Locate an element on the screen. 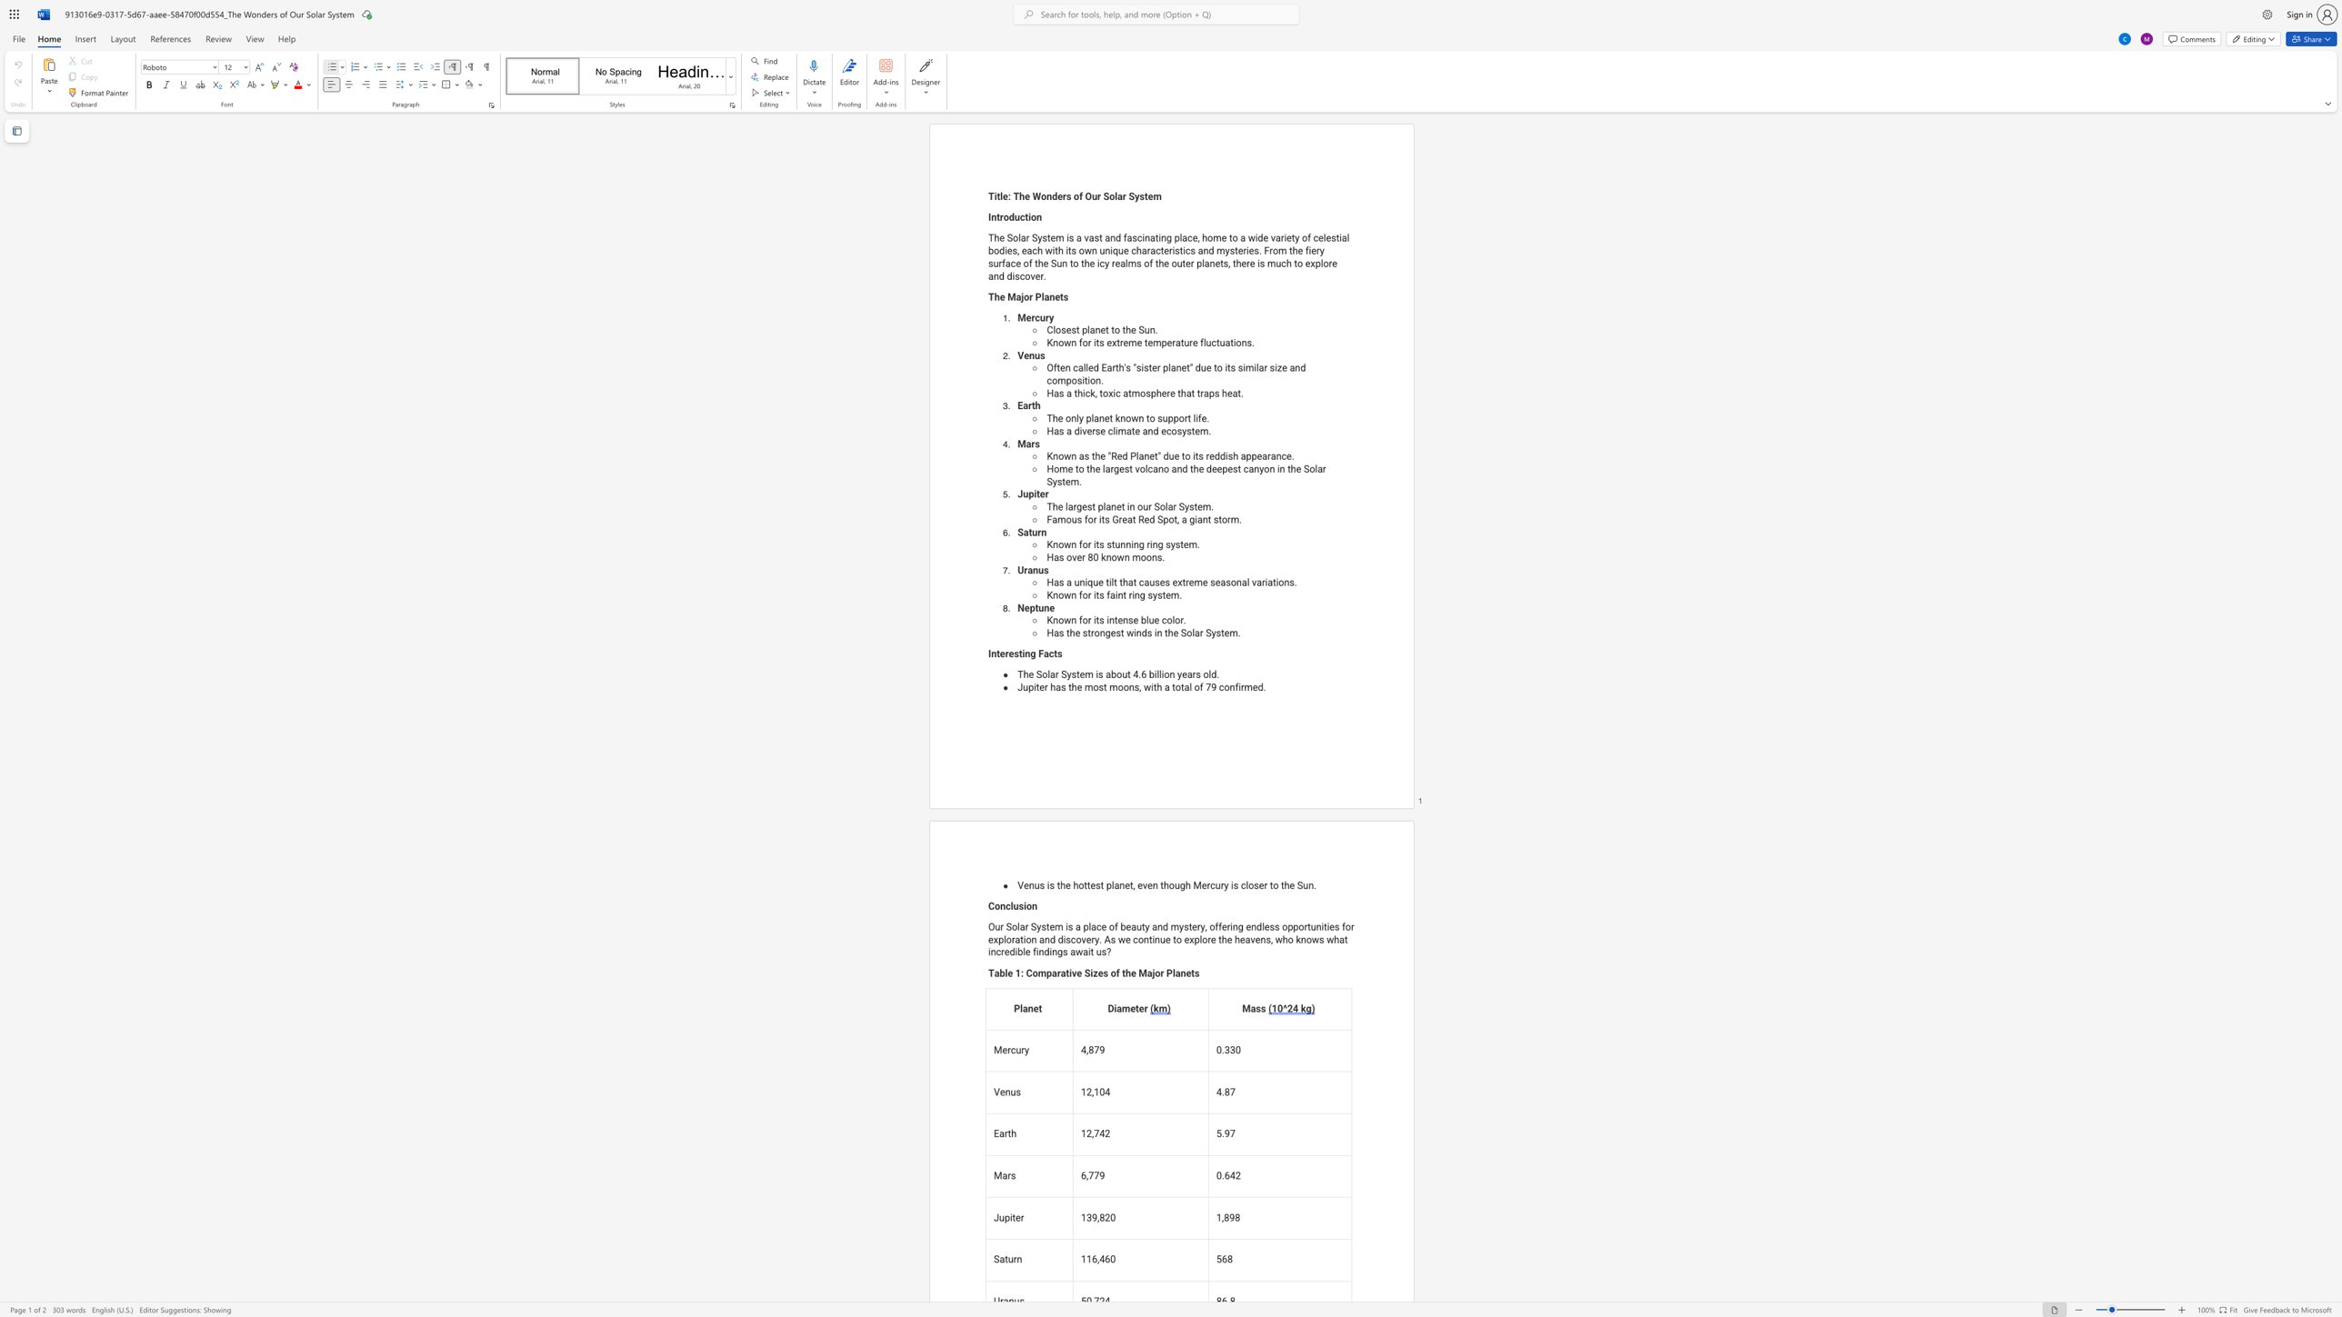  the 2th character "r" in the text is located at coordinates (1149, 506).